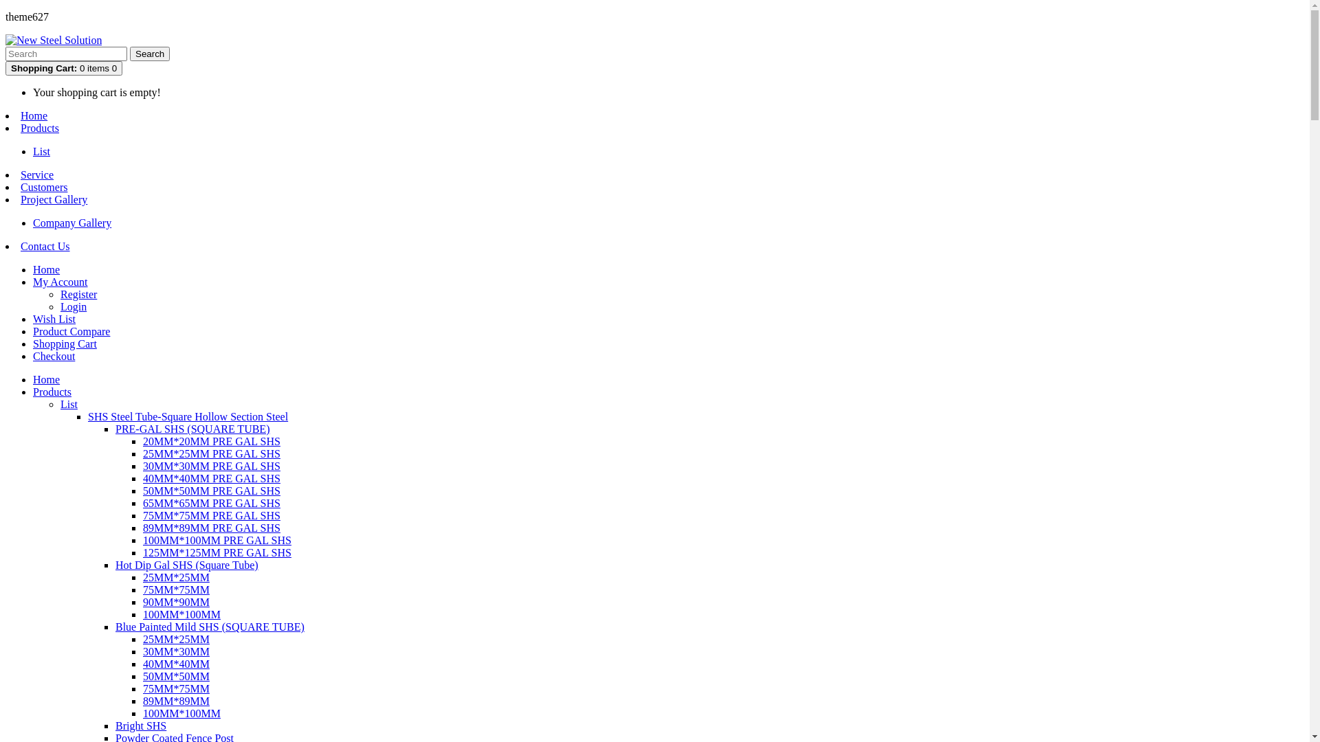 The height and width of the screenshot is (742, 1320). What do you see at coordinates (43, 187) in the screenshot?
I see `'Customers'` at bounding box center [43, 187].